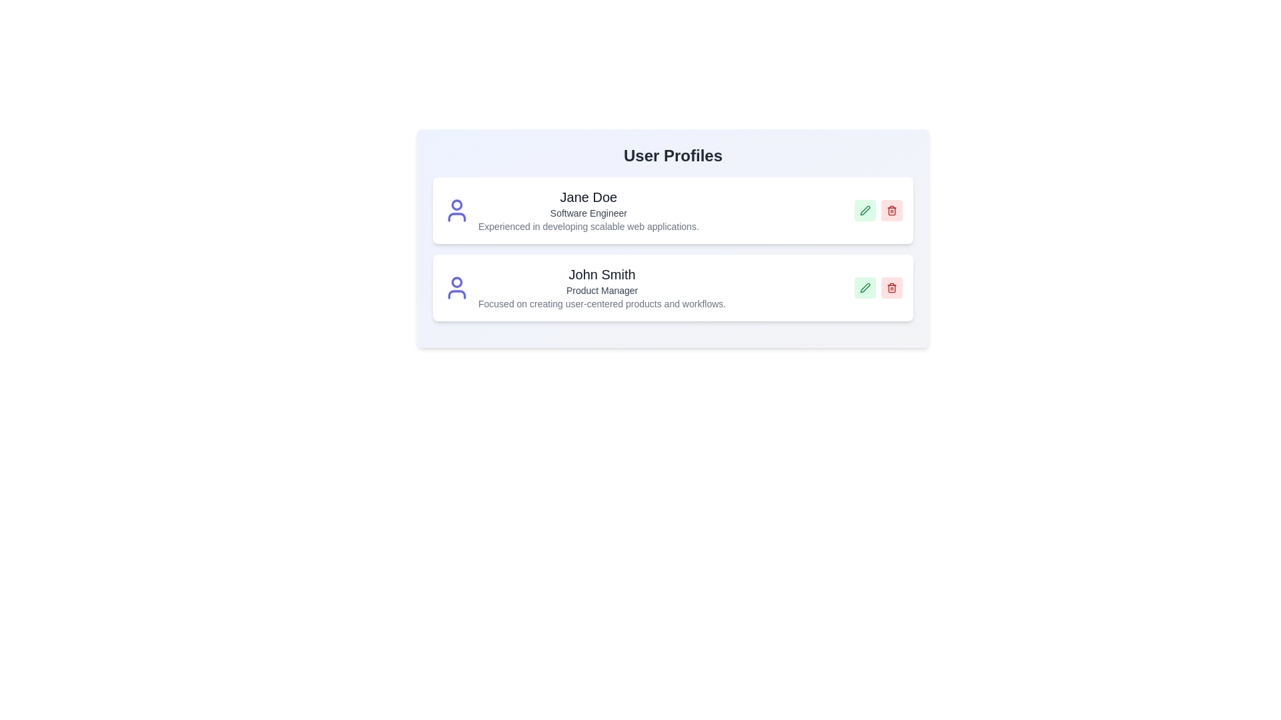 The image size is (1281, 720). What do you see at coordinates (892, 210) in the screenshot?
I see `delete button for the user profile Jane Doe` at bounding box center [892, 210].